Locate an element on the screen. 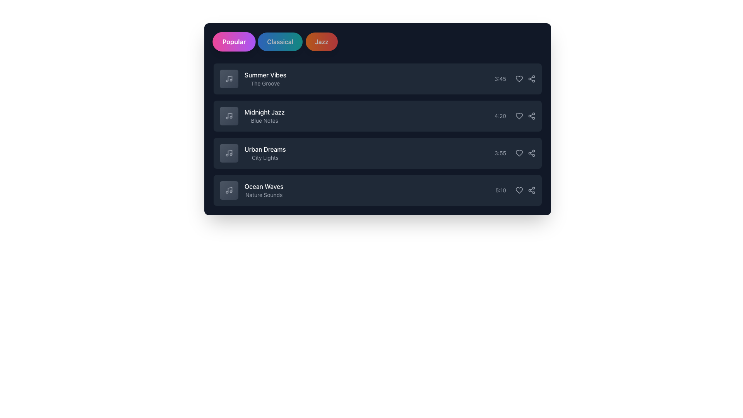 The height and width of the screenshot is (418, 743). the 'Popular' oval button with a gradient background transitioning from pink to purple for accessibility navigation is located at coordinates (234, 42).